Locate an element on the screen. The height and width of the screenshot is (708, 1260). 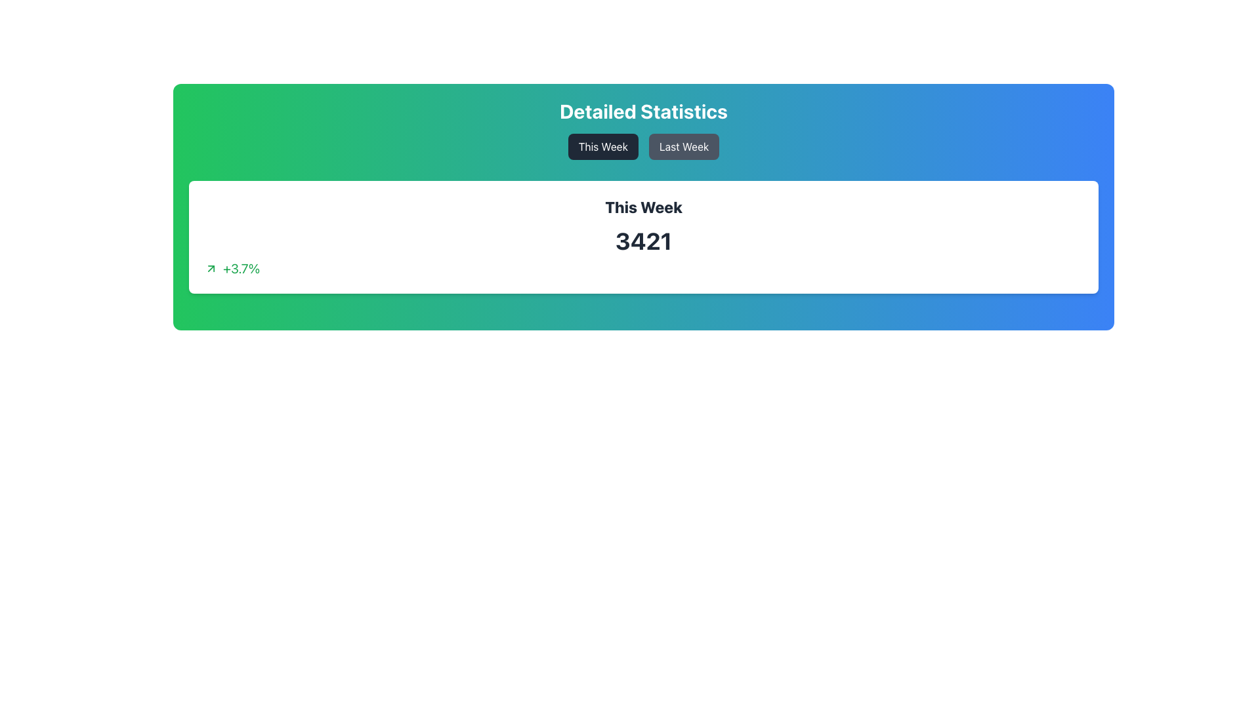
descriptive title or heading text located directly above the numeric value '3421' in the highlighted content area is located at coordinates (643, 206).